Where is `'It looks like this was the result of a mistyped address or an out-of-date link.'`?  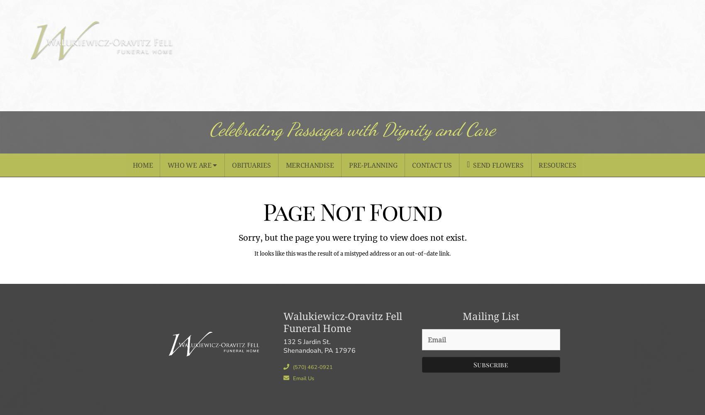 'It looks like this was the result of a mistyped address or an out-of-date link.' is located at coordinates (352, 253).